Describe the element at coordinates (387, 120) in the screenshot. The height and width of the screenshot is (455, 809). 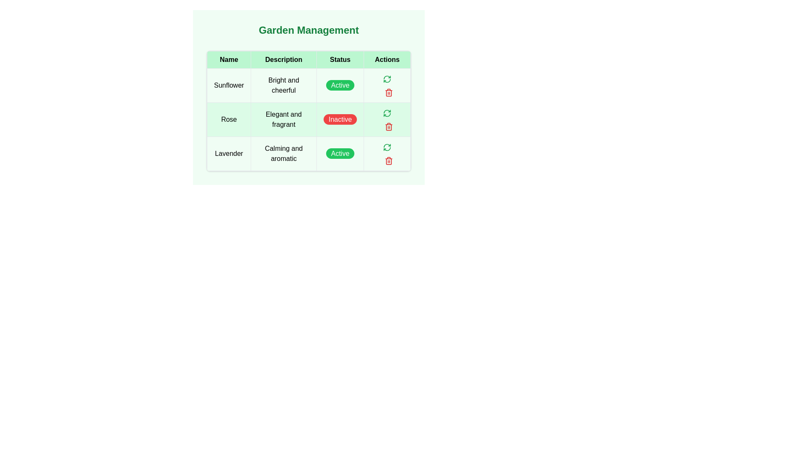
I see `the interactive icon group located in the last column of the second row of the table, which contains a green refresh icon and a red trash icon` at that location.